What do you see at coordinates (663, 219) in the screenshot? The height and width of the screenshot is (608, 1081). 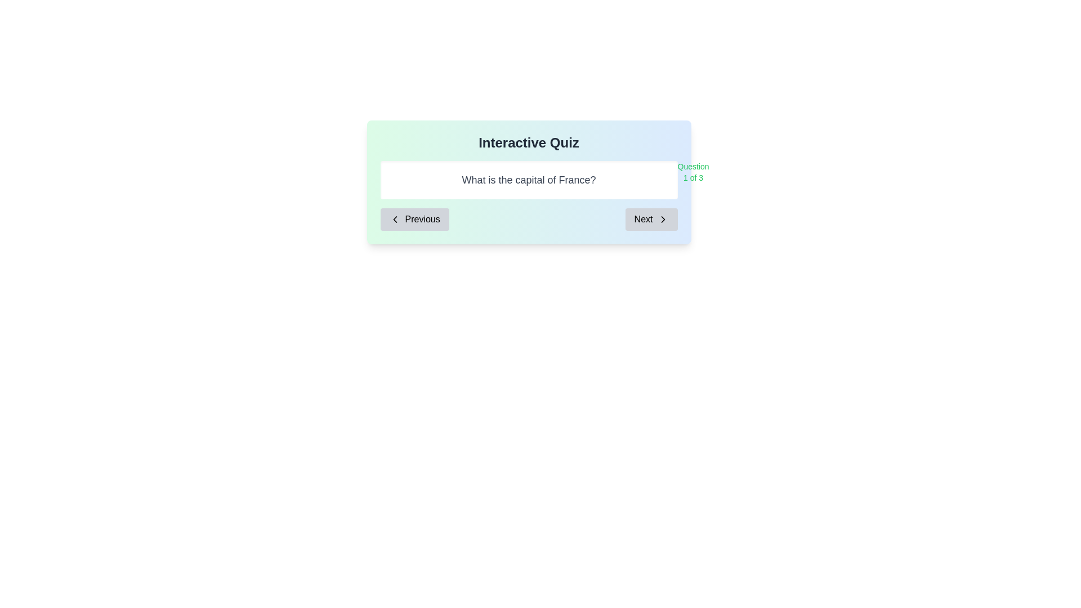 I see `the compact right-pointing arrow icon within the 'Next' button` at bounding box center [663, 219].